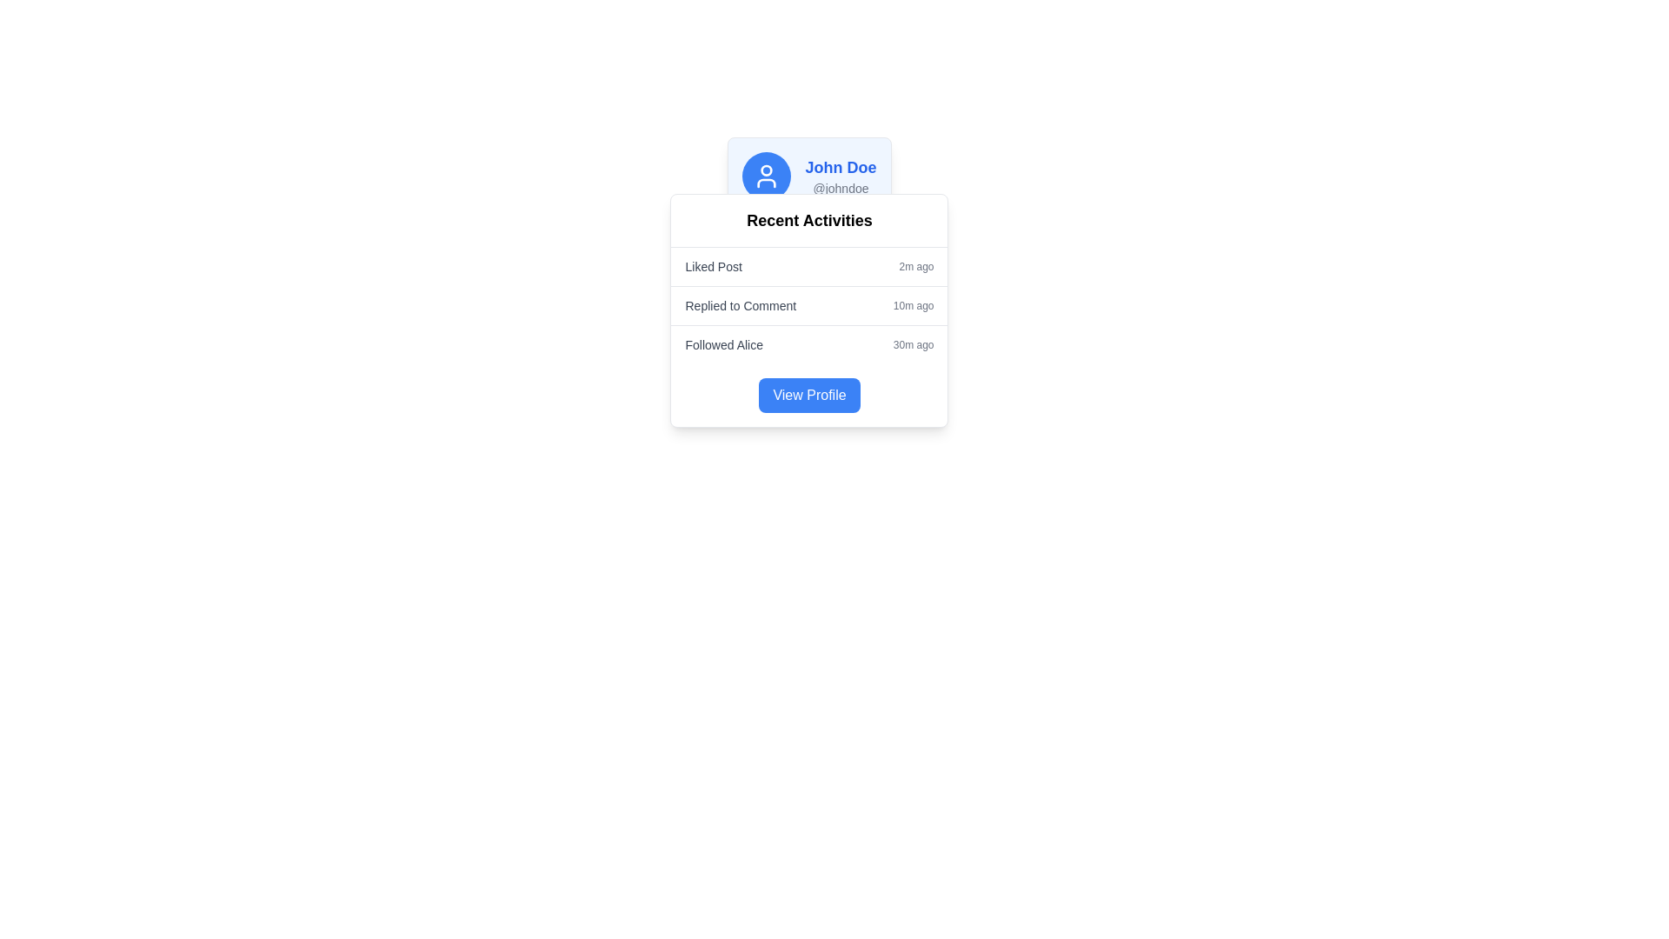 The height and width of the screenshot is (939, 1669). I want to click on the first item in the vertical list of user activity blocks, which represents a user activity log entry, so click(808, 267).